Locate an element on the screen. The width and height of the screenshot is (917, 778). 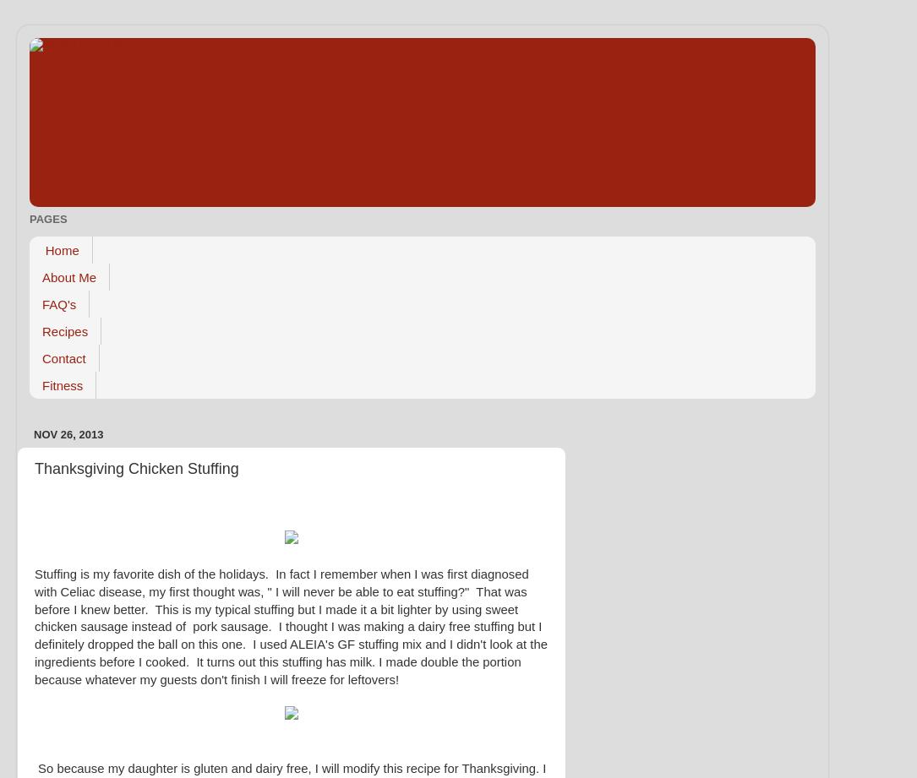
'FAQ's' is located at coordinates (58, 303).